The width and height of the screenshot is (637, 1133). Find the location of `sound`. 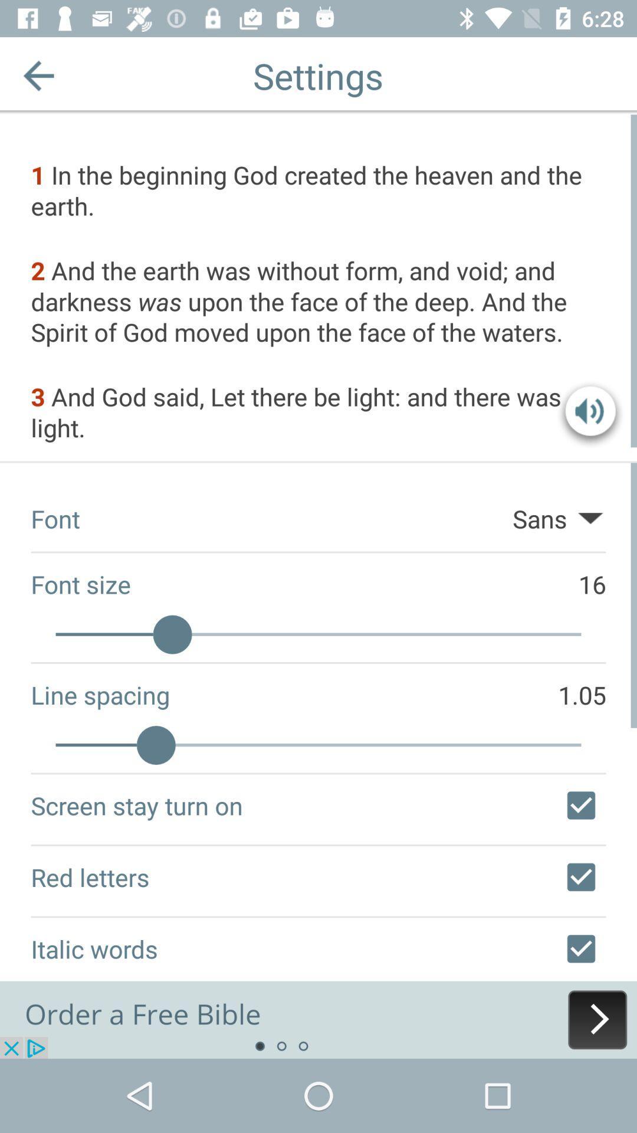

sound is located at coordinates (590, 414).